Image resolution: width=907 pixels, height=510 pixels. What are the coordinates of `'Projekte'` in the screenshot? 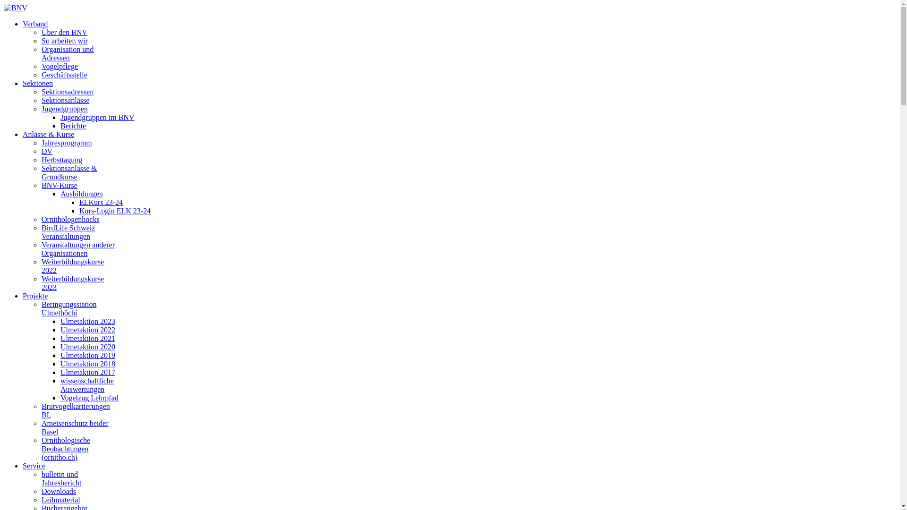 It's located at (35, 295).